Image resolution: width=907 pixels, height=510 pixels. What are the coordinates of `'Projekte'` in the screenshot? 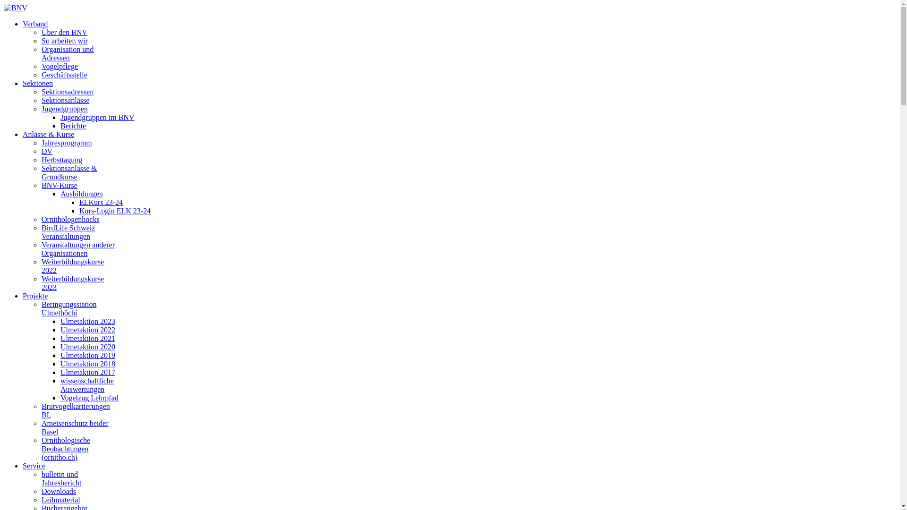 It's located at (35, 295).